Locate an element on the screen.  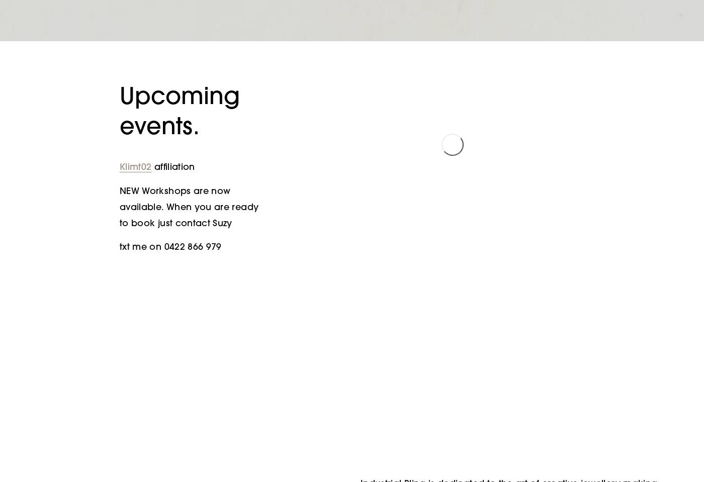
'4' is located at coordinates (562, 151).